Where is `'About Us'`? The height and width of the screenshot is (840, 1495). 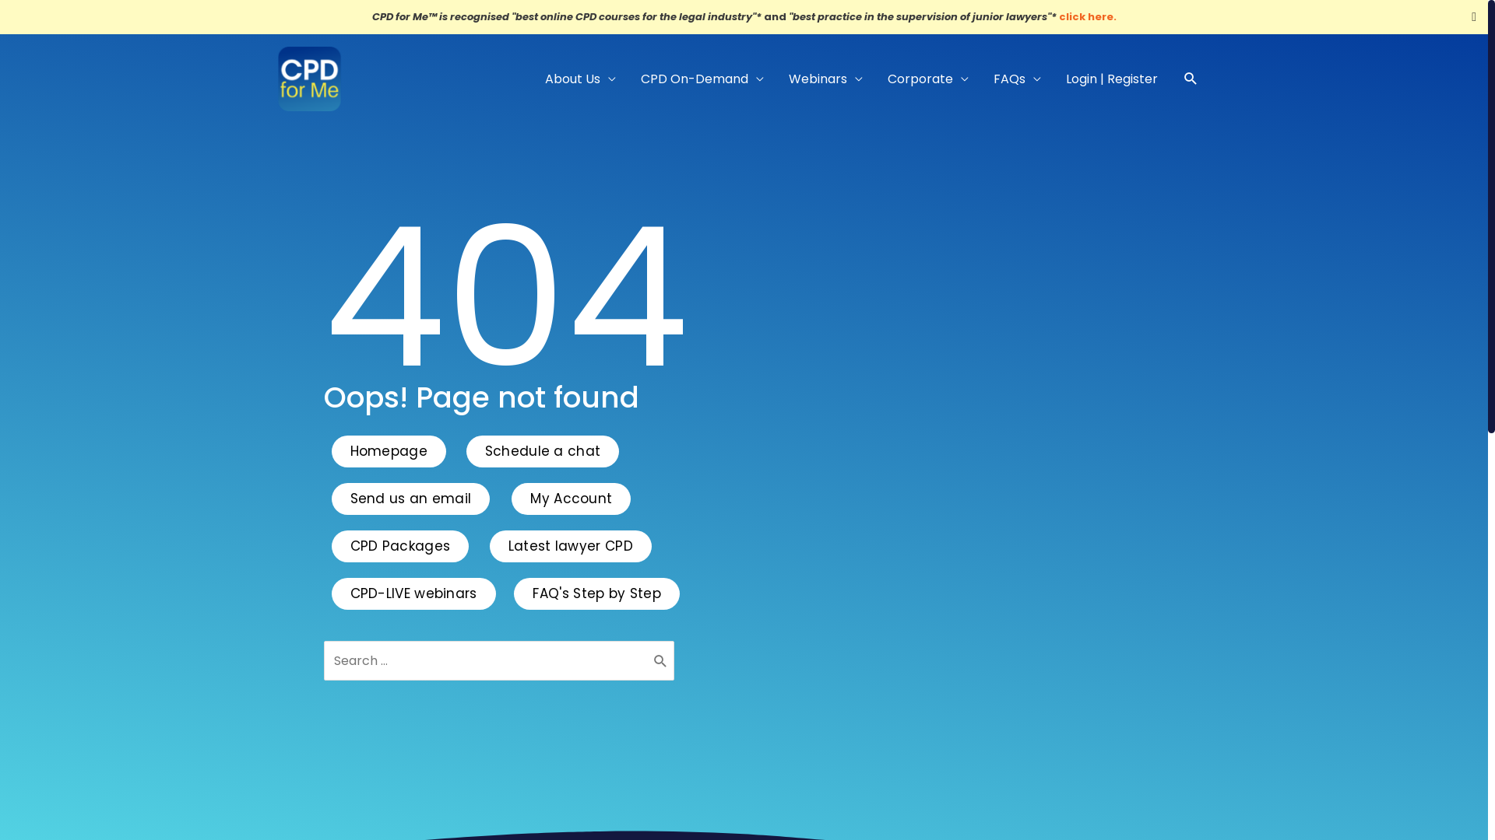 'About Us' is located at coordinates (579, 79).